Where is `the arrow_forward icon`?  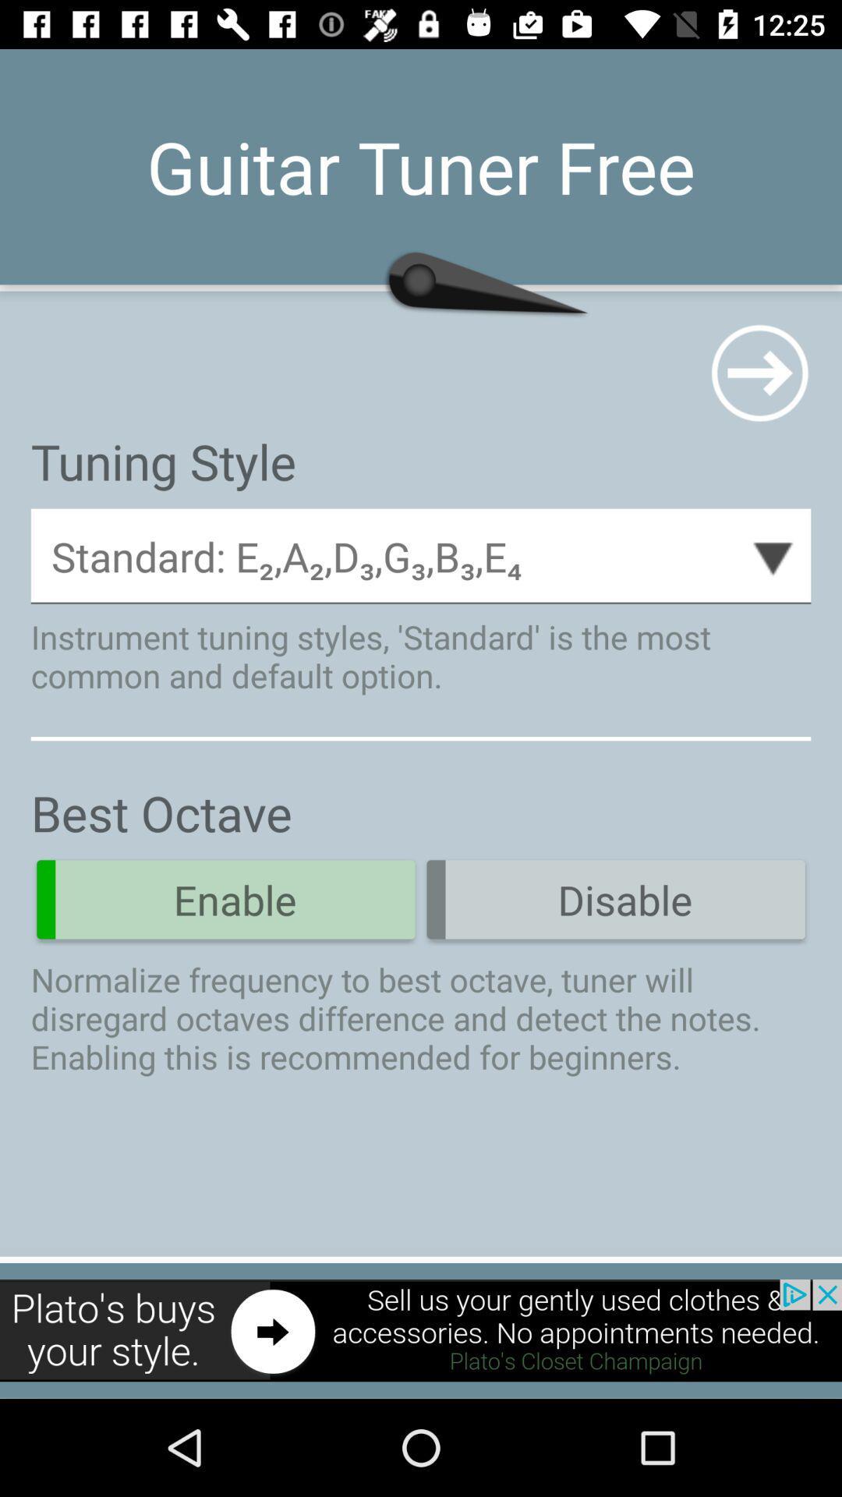 the arrow_forward icon is located at coordinates (759, 372).